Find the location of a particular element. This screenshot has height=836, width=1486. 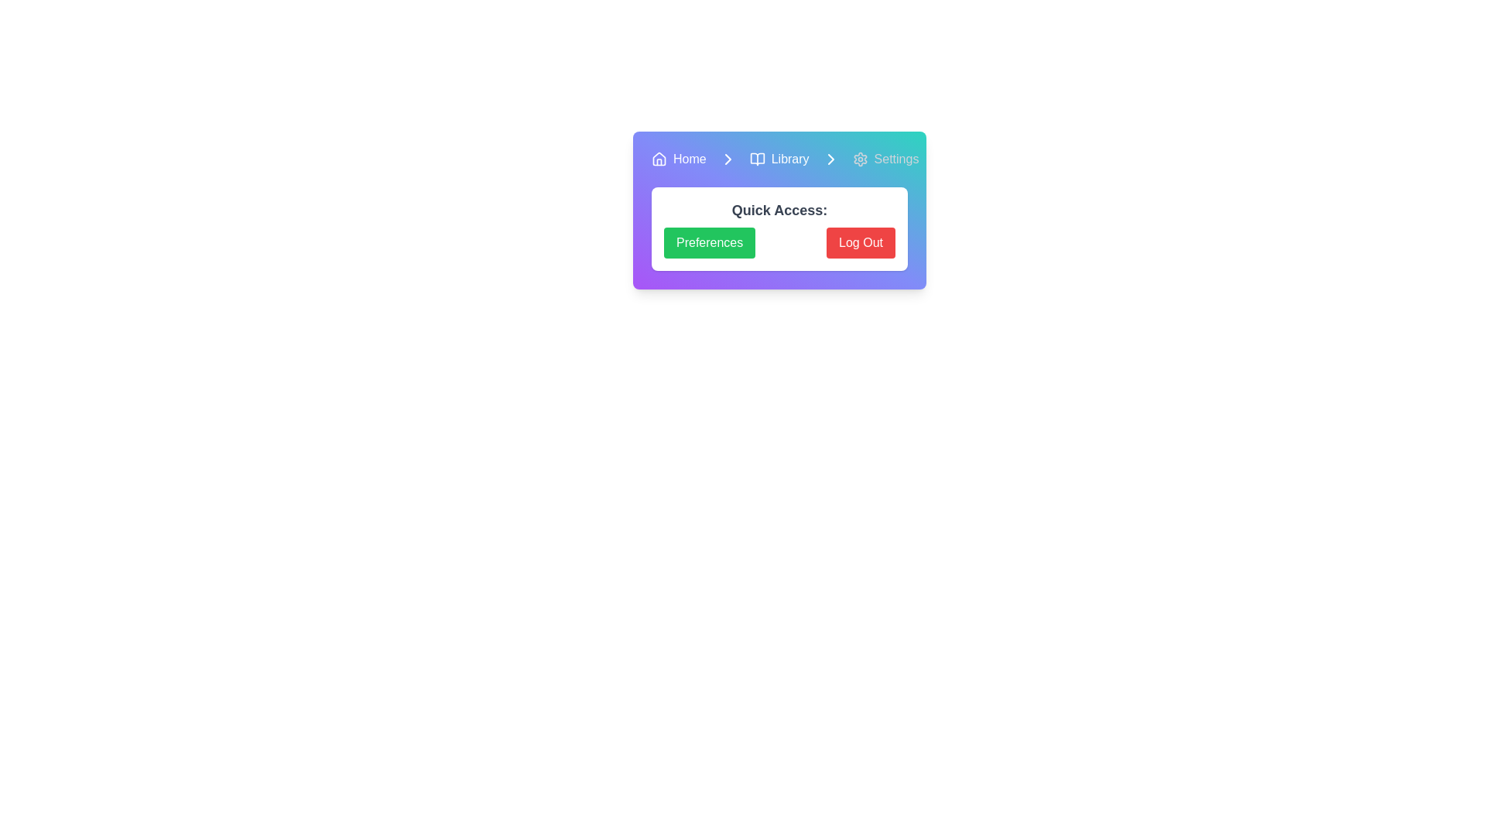

the Text label, which serves as a navigation label likely redirecting users to the home page, located to the right of a house-shaped icon in the horizontal navigation bar is located at coordinates (689, 159).